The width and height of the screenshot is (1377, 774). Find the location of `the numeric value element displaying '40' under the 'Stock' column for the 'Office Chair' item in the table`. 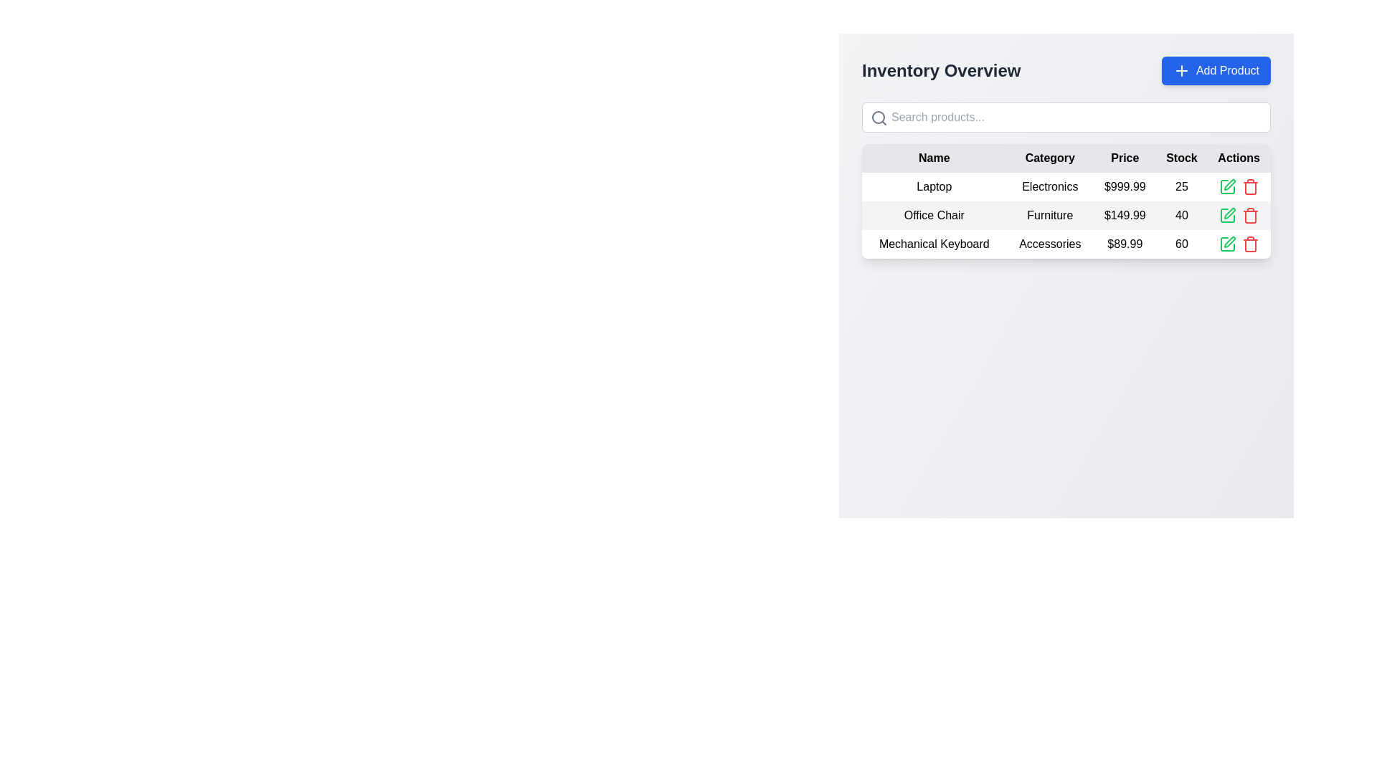

the numeric value element displaying '40' under the 'Stock' column for the 'Office Chair' item in the table is located at coordinates (1181, 215).